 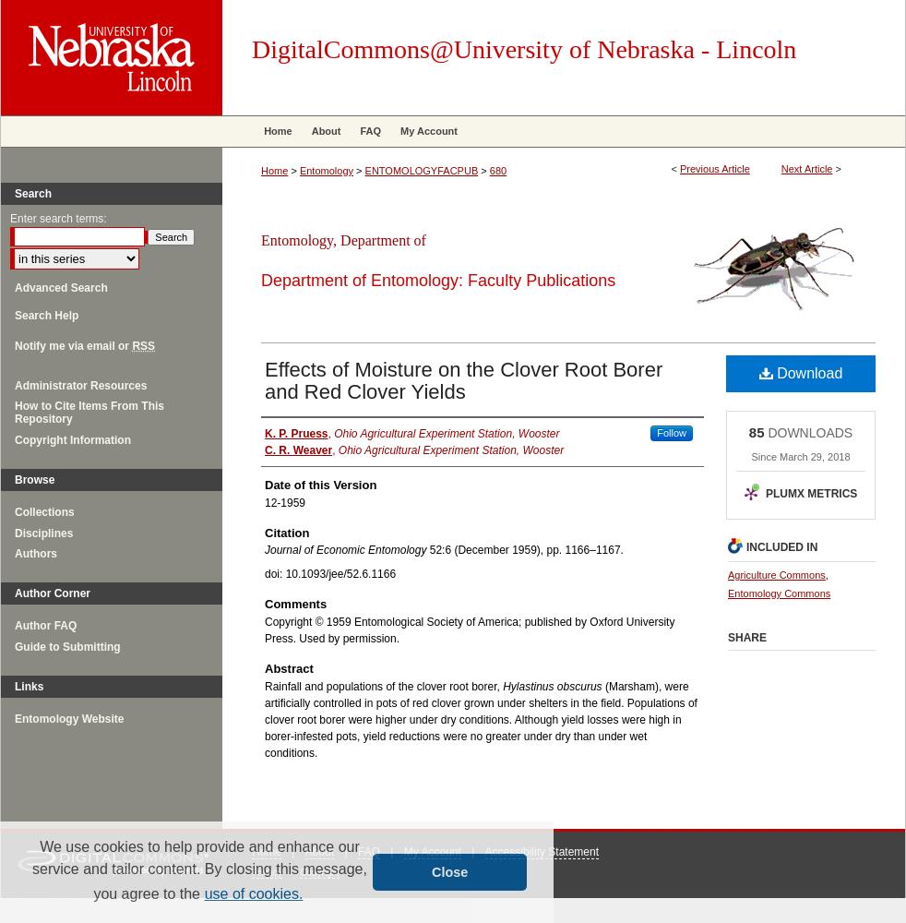 I want to click on '<', so click(x=674, y=169).